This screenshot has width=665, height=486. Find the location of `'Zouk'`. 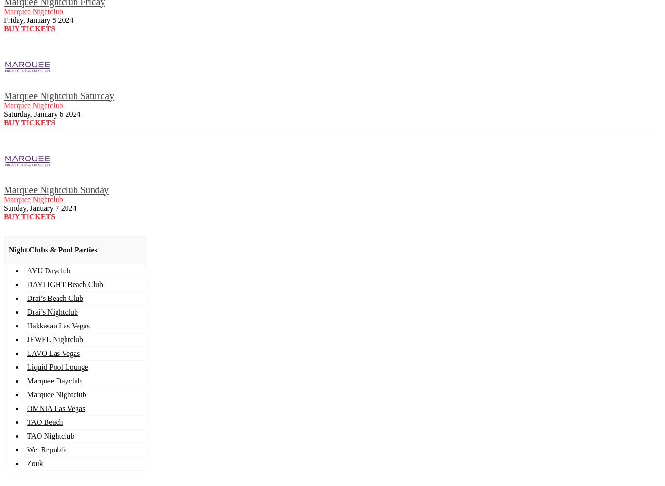

'Zouk' is located at coordinates (35, 463).